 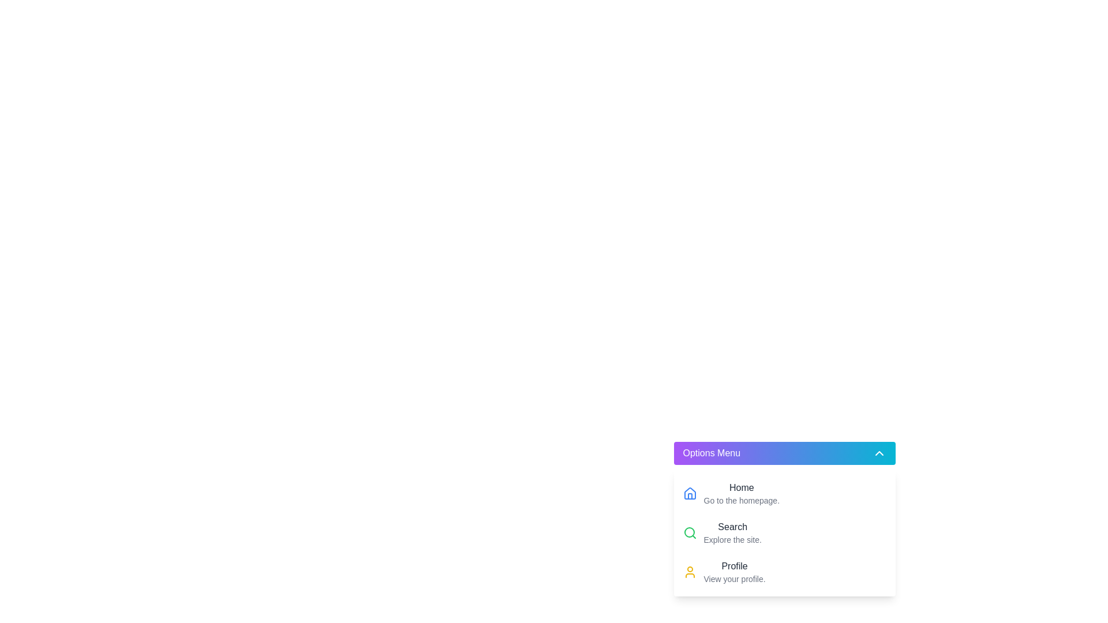 What do you see at coordinates (878, 453) in the screenshot?
I see `the chevron icon button at the right end of the 'Options Menu' button` at bounding box center [878, 453].